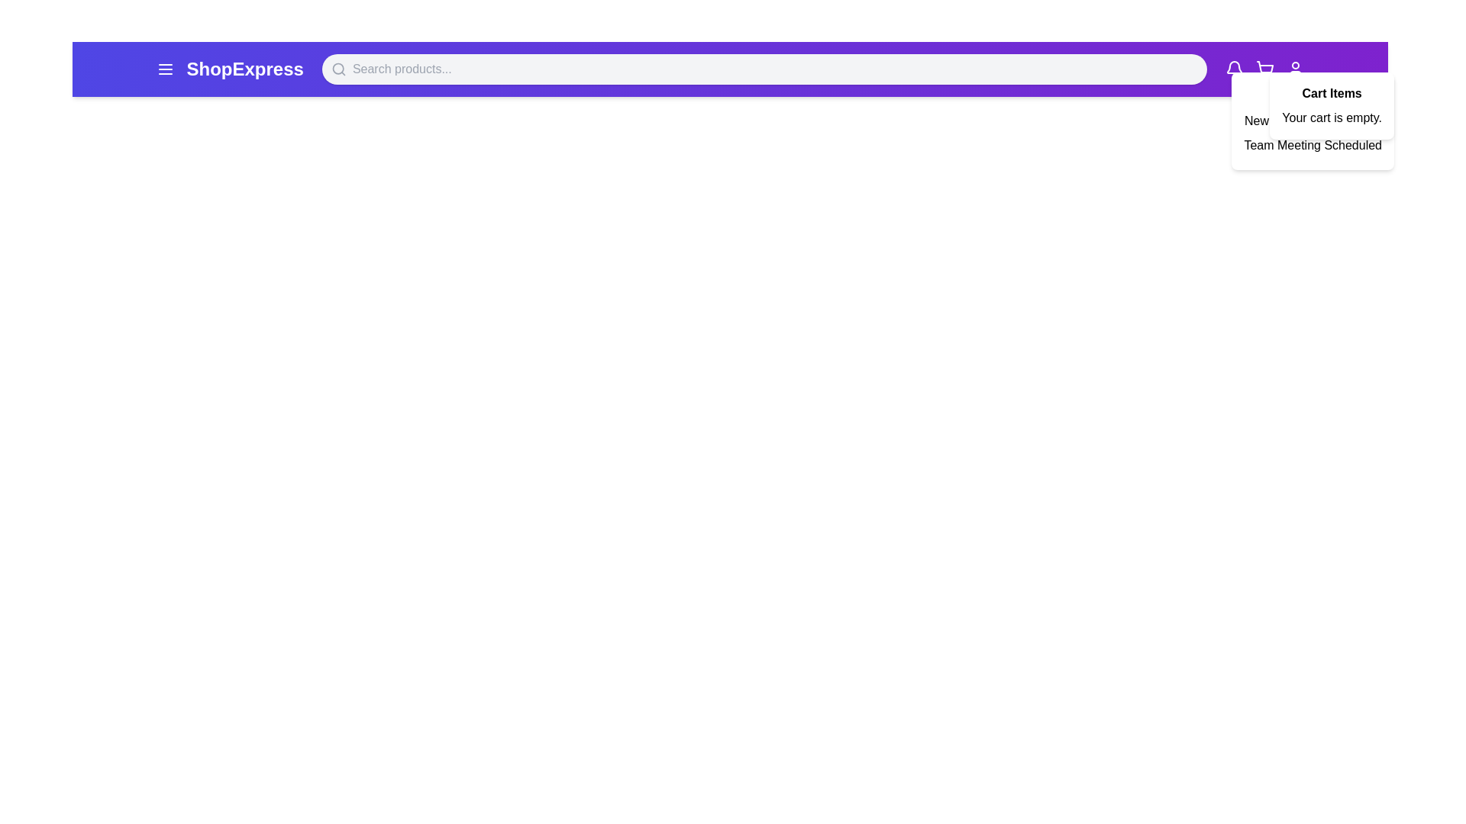 The width and height of the screenshot is (1466, 824). Describe the element at coordinates (764, 69) in the screenshot. I see `the search bar to focus it for typing` at that location.